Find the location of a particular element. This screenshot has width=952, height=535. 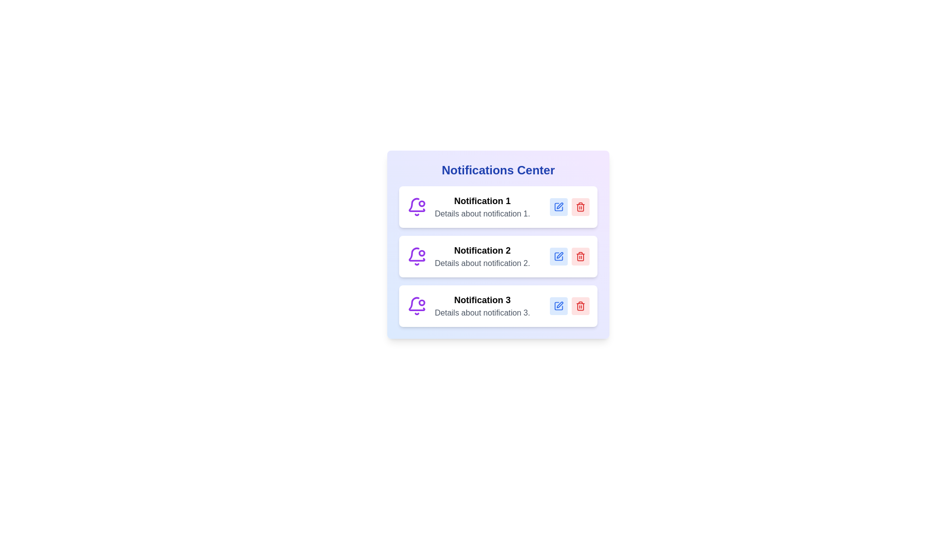

content displayed in the text block of the third notification, which is located to the right of the purple notification icon and left of the edit and delete buttons is located at coordinates (482, 305).